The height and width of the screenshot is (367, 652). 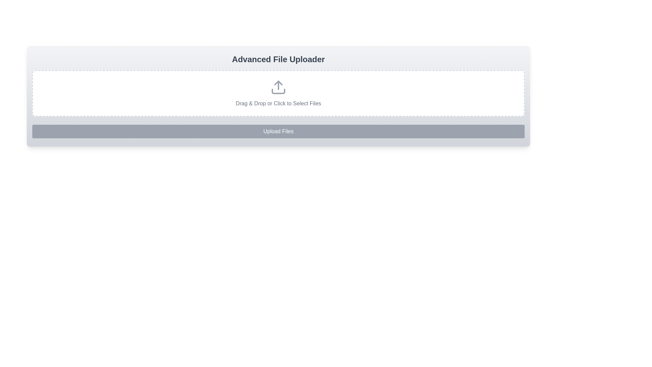 I want to click on the instruction Text label that informs users about dragging and dropping files or clicking to select them for uploading, located in a dashed border area under the upload icon and above the 'Upload Files' button, so click(x=278, y=103).